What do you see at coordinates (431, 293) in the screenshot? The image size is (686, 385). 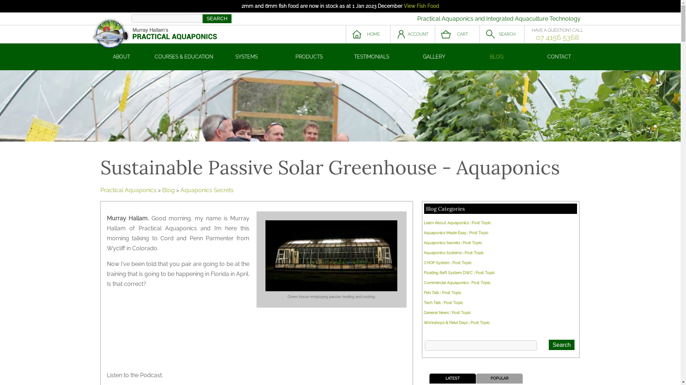 I see `'Fish Talk'` at bounding box center [431, 293].